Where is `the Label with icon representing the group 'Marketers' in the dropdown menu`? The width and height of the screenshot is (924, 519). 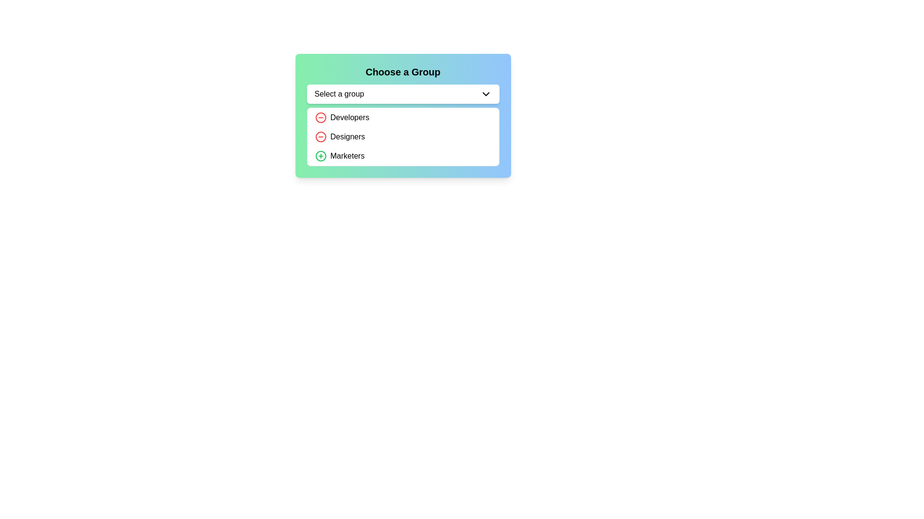
the Label with icon representing the group 'Marketers' in the dropdown menu is located at coordinates (339, 155).